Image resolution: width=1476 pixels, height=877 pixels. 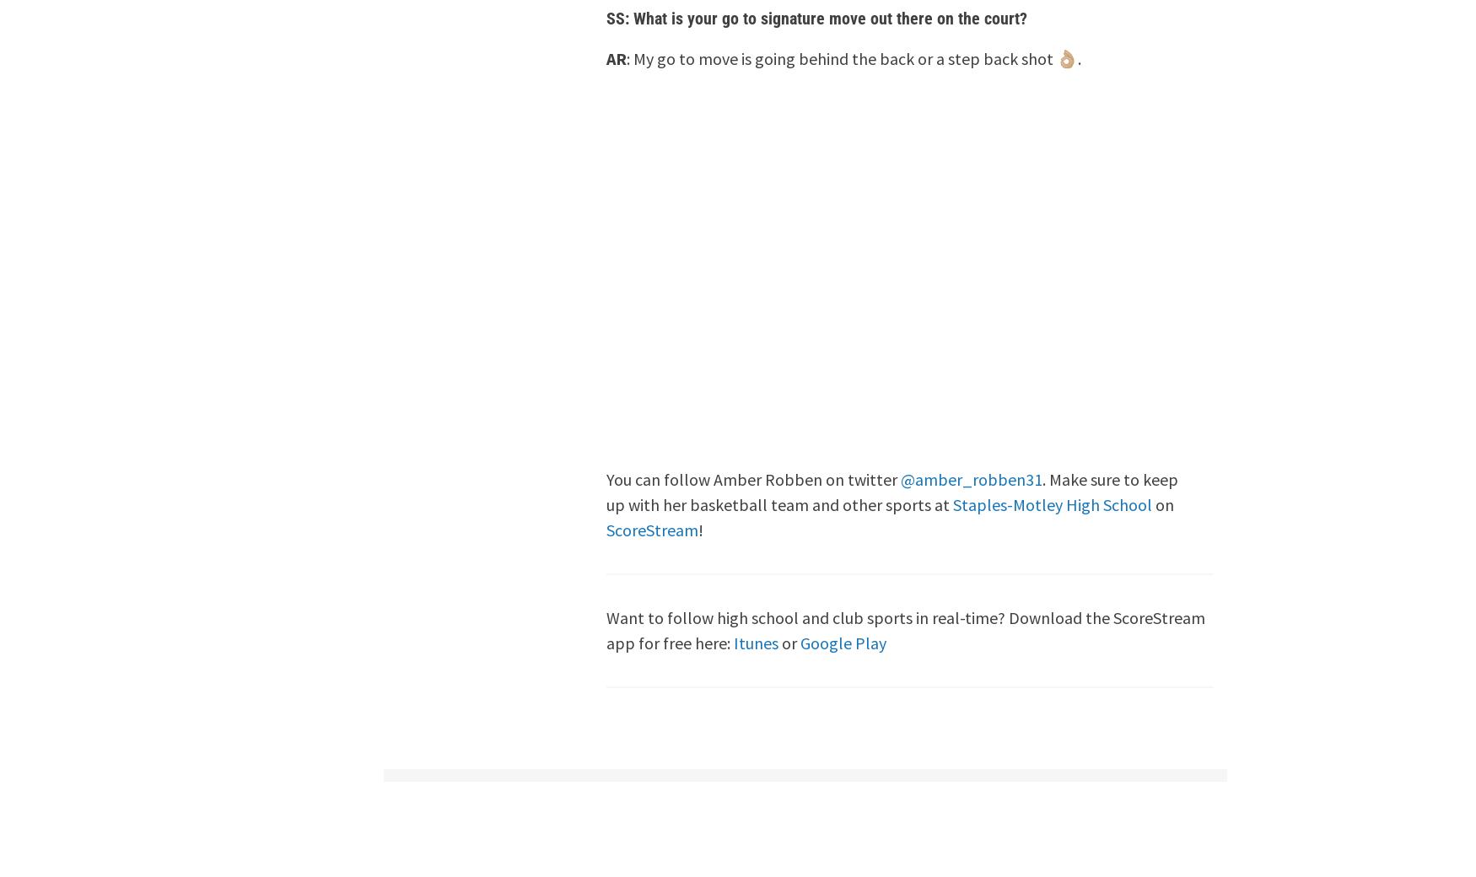 What do you see at coordinates (616, 56) in the screenshot?
I see `'AR'` at bounding box center [616, 56].